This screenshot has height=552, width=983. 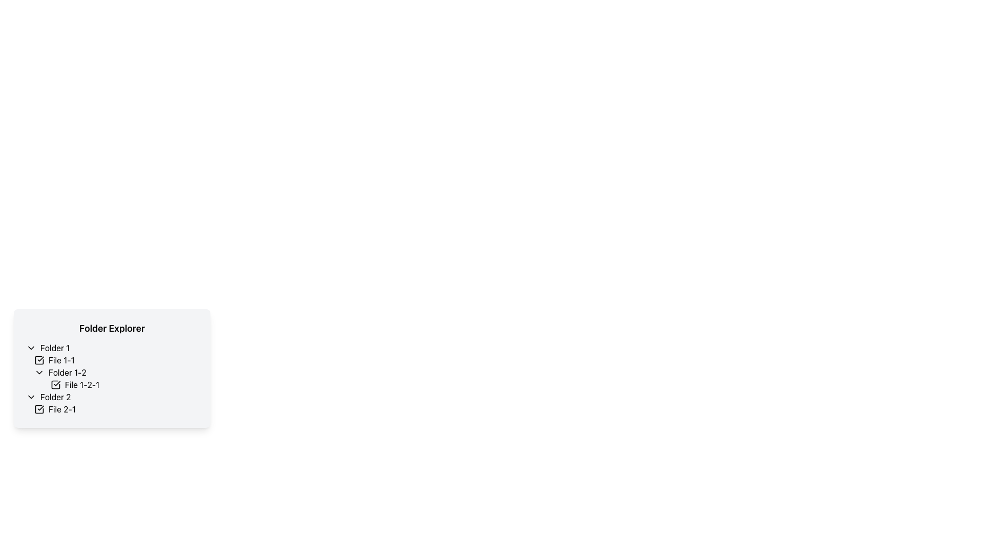 I want to click on the Check Icon indicating the selected state of 'File 2-1' in the 'Folder 2' section of the folder explorer, so click(x=39, y=409).